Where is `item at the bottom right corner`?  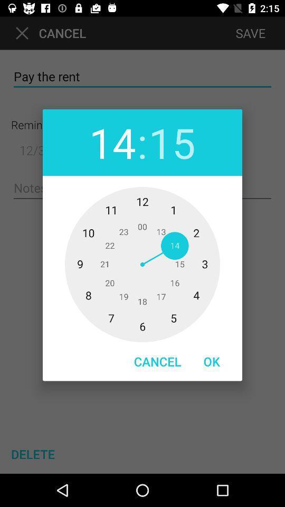
item at the bottom right corner is located at coordinates (212, 361).